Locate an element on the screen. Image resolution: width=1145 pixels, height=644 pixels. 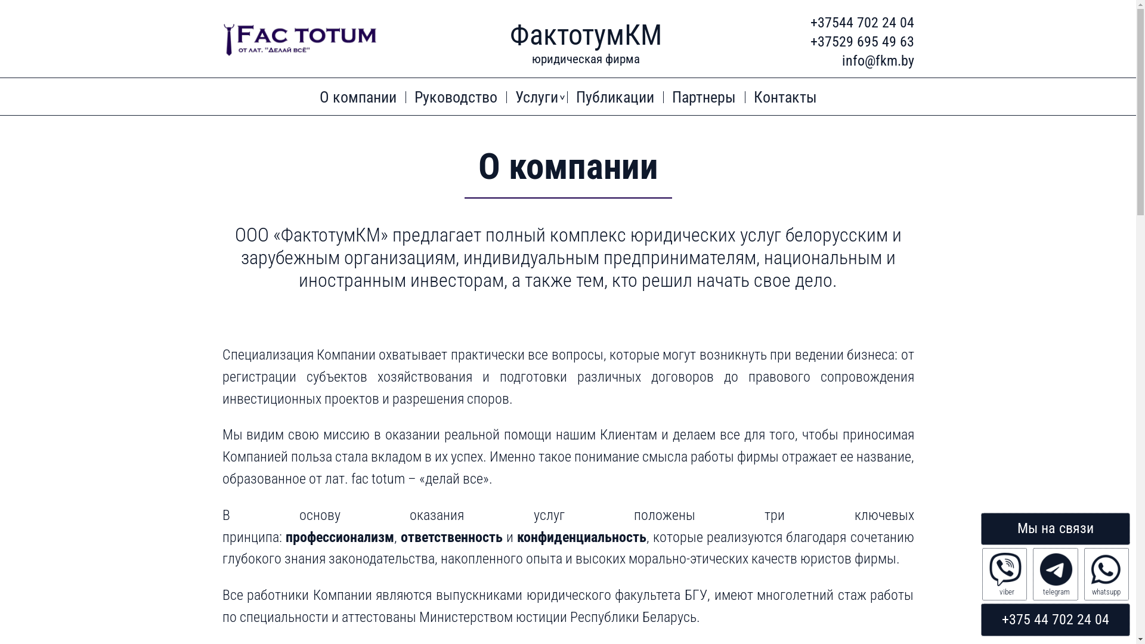
' whatsupp' is located at coordinates (1106, 574).